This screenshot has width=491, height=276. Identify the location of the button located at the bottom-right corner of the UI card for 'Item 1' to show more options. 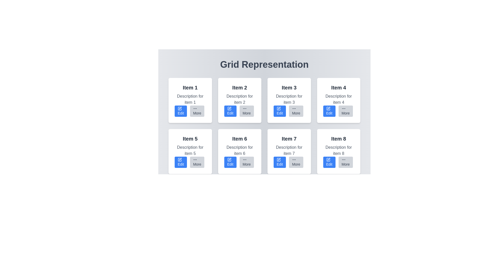
(197, 111).